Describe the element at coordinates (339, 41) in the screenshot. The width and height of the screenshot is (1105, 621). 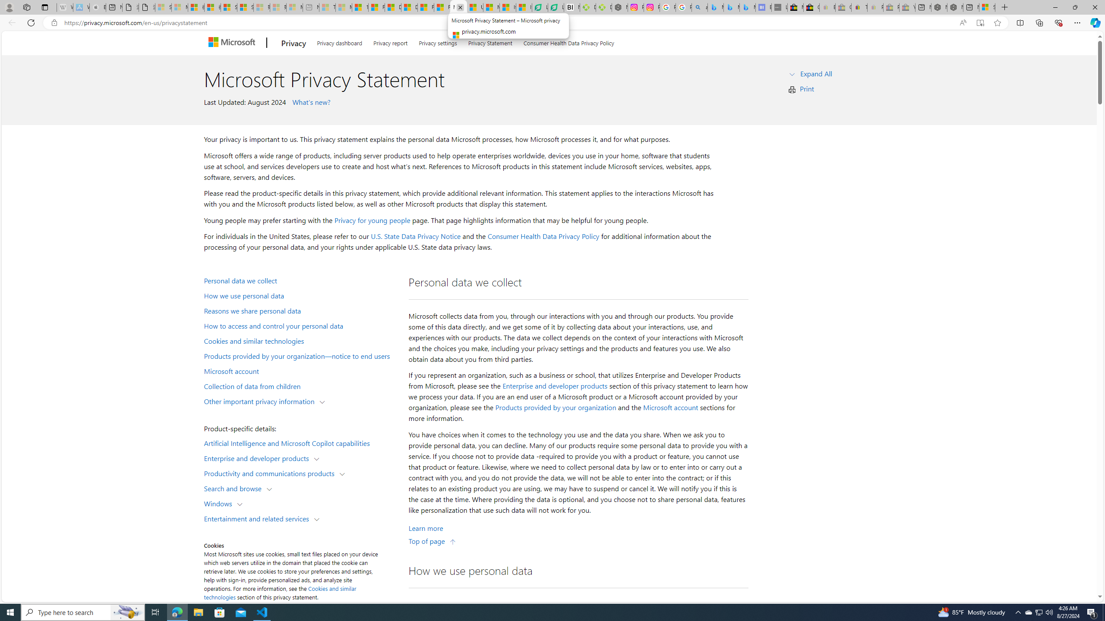
I see `'Privacy dashboard'` at that location.